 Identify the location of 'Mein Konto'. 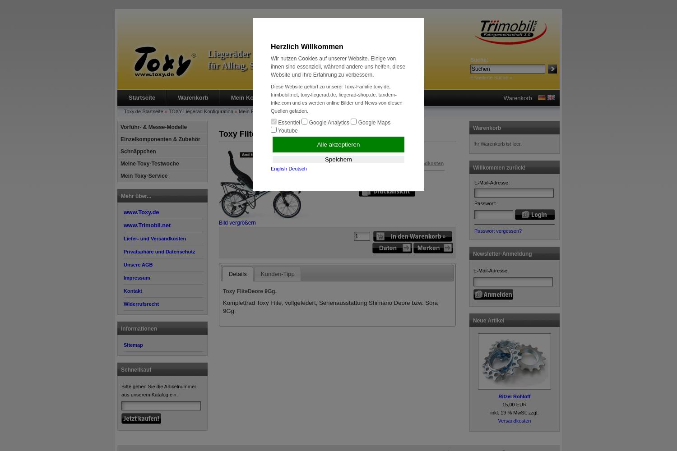
(246, 97).